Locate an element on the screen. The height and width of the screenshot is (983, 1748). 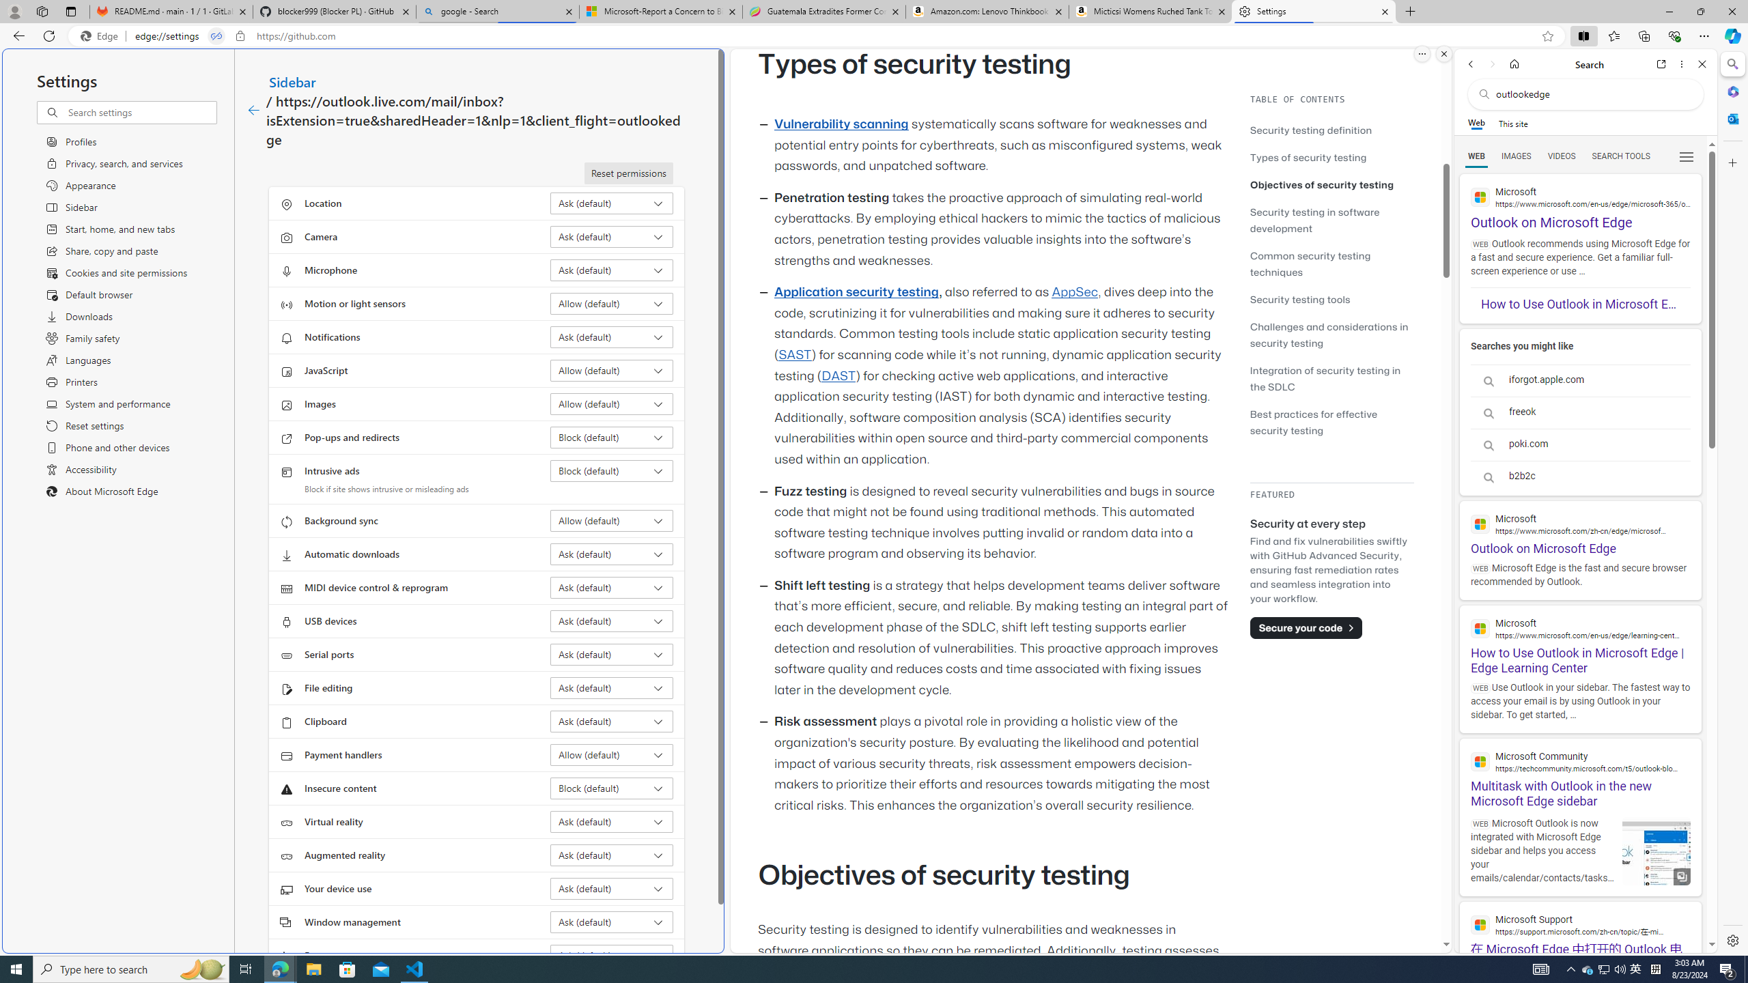
'Virtual reality Ask (default)' is located at coordinates (612, 821).